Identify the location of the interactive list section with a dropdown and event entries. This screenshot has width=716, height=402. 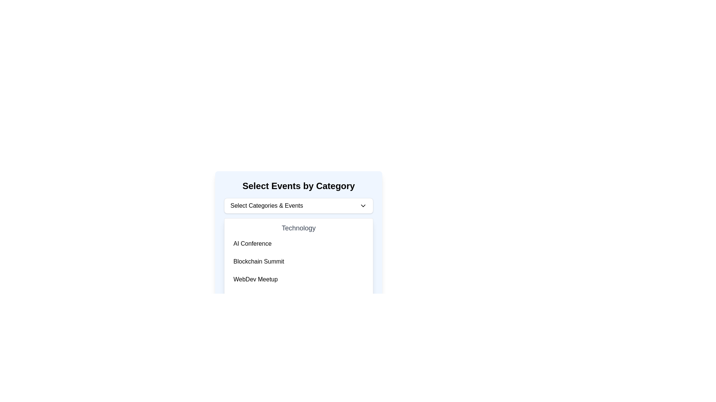
(299, 227).